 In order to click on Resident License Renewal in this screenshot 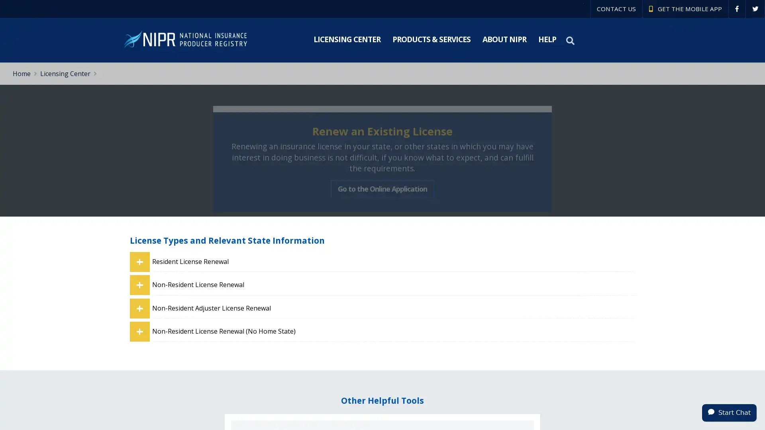, I will do `click(394, 262)`.